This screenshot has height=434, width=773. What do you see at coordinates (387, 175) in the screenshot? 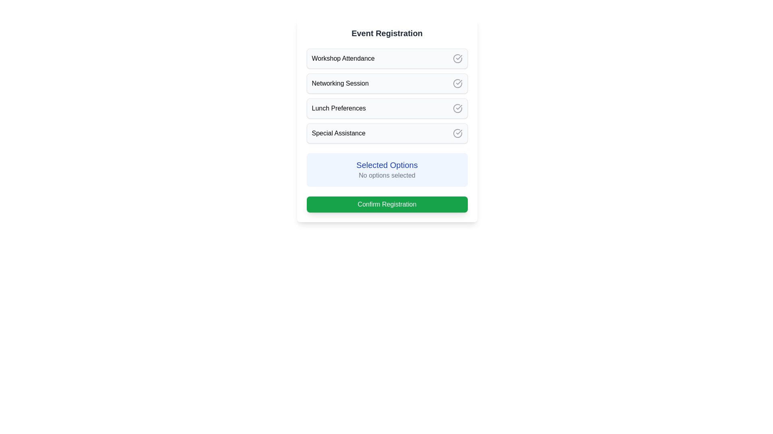
I see `the Text Label indicating no options have been selected, located within the light blue box labeled 'Selected Options', positioned below the title 'Selected Options' and above the green 'Confirm Registration' button` at bounding box center [387, 175].